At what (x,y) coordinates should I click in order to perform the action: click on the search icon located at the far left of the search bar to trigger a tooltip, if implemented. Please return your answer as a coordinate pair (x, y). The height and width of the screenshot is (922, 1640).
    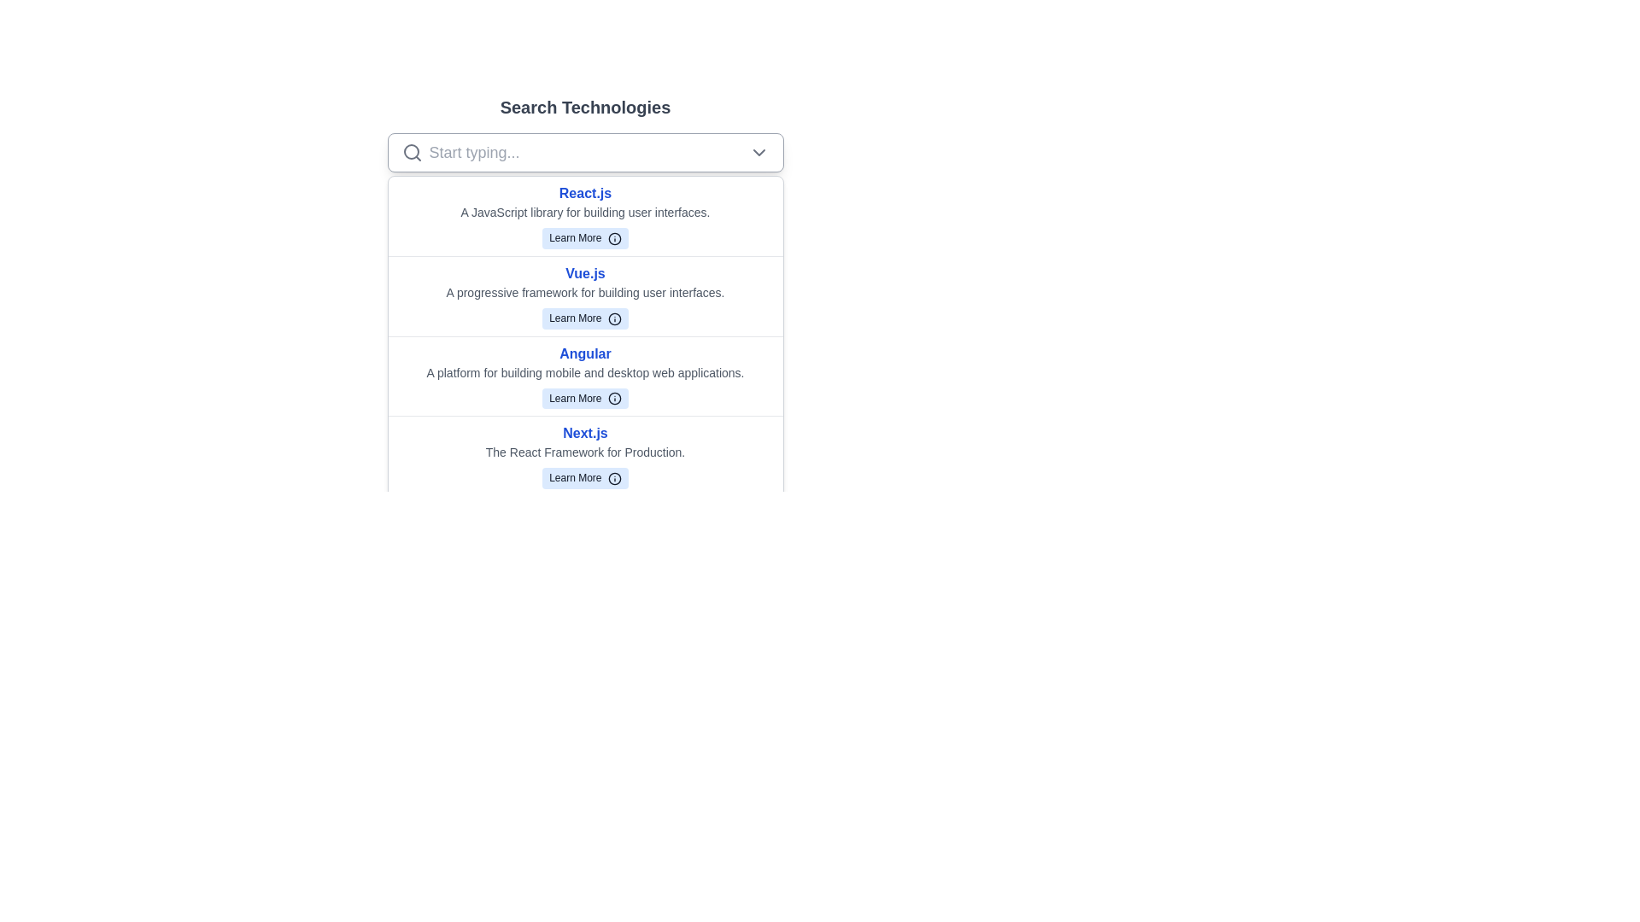
    Looking at the image, I should click on (412, 151).